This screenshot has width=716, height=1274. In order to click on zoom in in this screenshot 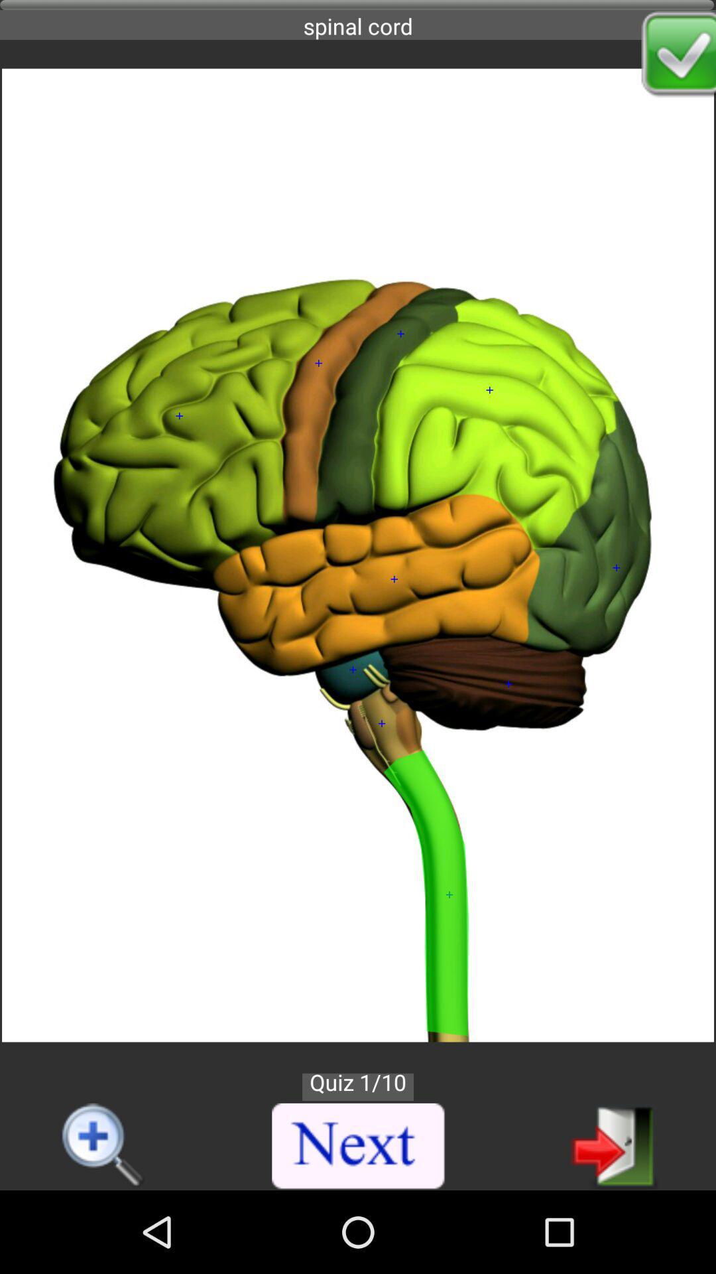, I will do `click(103, 1146)`.